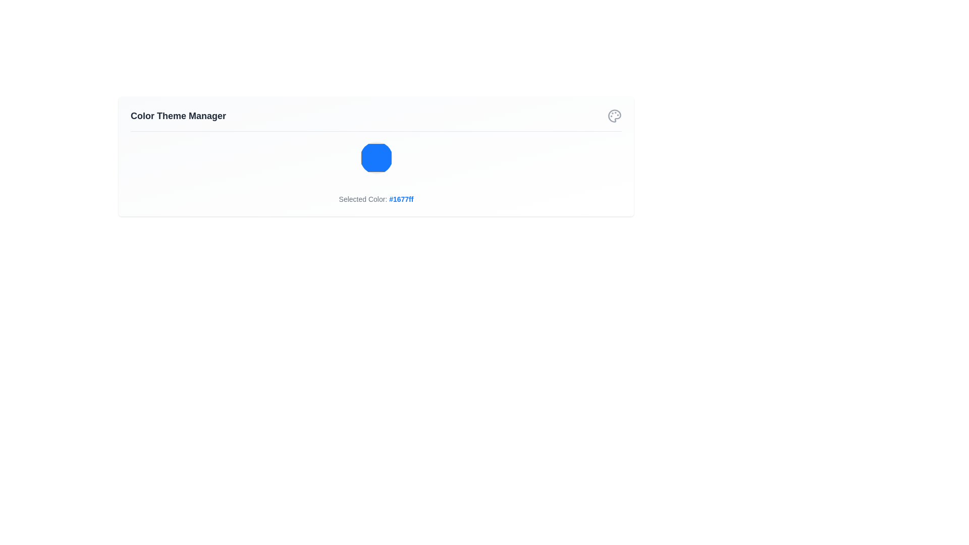 This screenshot has width=969, height=545. What do you see at coordinates (401, 199) in the screenshot?
I see `the text element displaying the color code '#1677ff', which is part of the line 'Selected Color' and located below a blue shape` at bounding box center [401, 199].